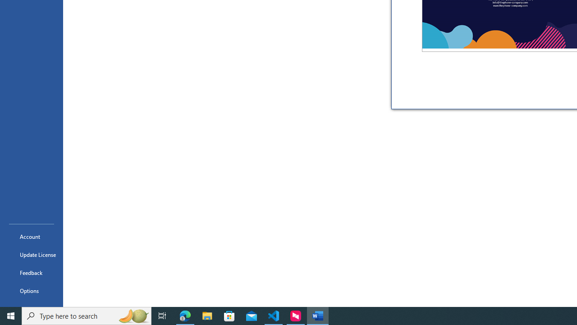 The image size is (577, 325). What do you see at coordinates (31, 236) in the screenshot?
I see `'Account'` at bounding box center [31, 236].